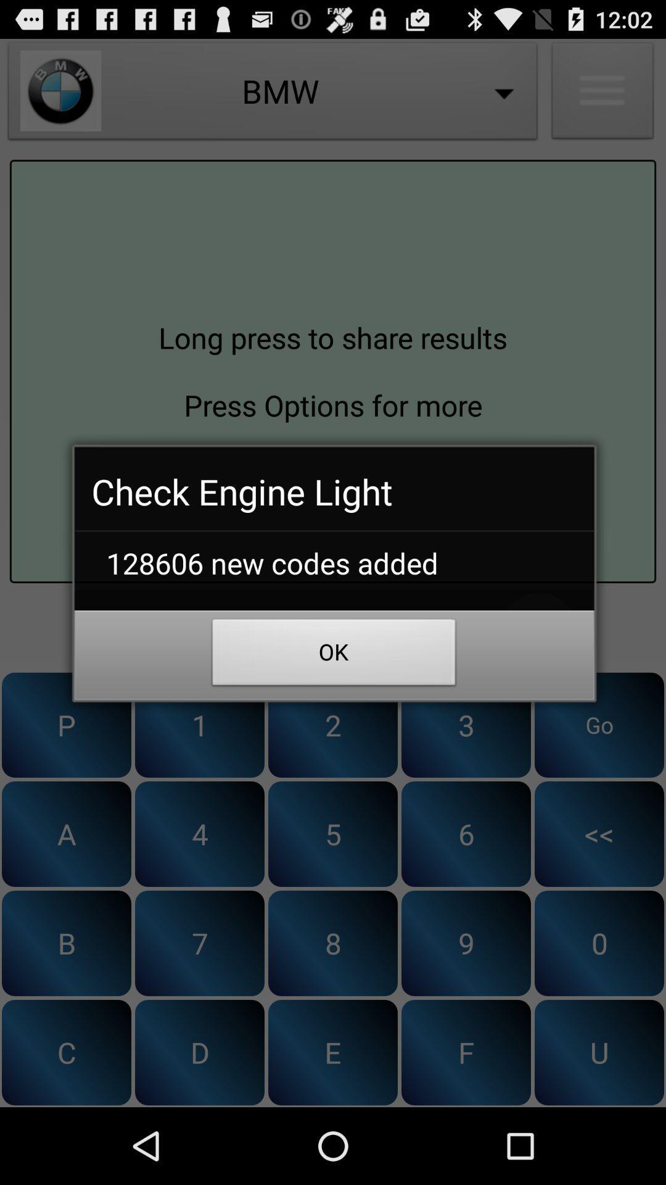 The image size is (666, 1185). Describe the element at coordinates (602, 93) in the screenshot. I see `menu` at that location.